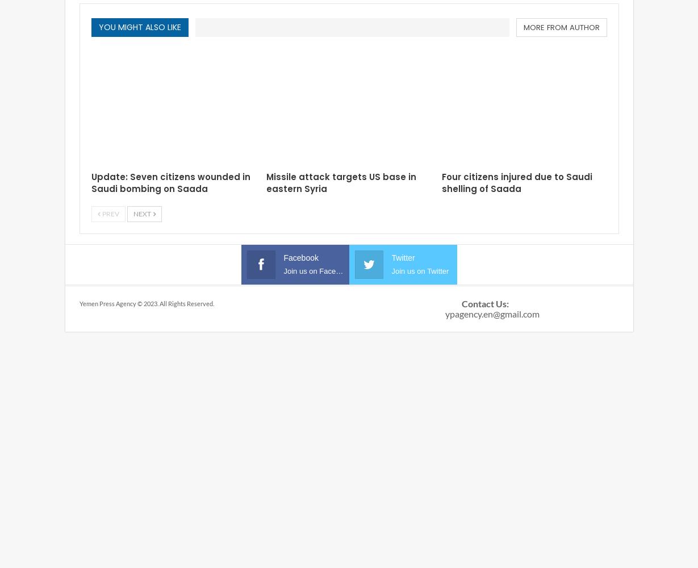  What do you see at coordinates (390, 270) in the screenshot?
I see `'Join us on Twitter'` at bounding box center [390, 270].